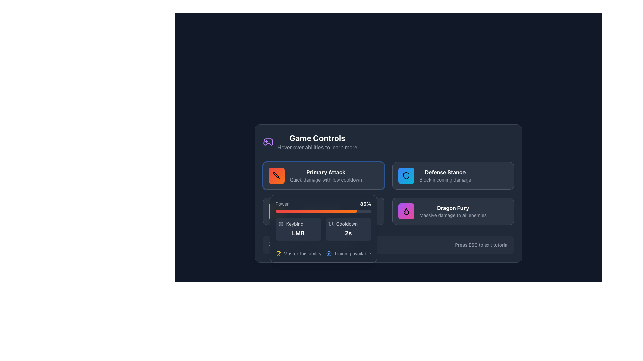  Describe the element at coordinates (453, 175) in the screenshot. I see `the defensive stance ability button located on the upper-right side of the grid layout within the central modal box, specifically the second element` at that location.